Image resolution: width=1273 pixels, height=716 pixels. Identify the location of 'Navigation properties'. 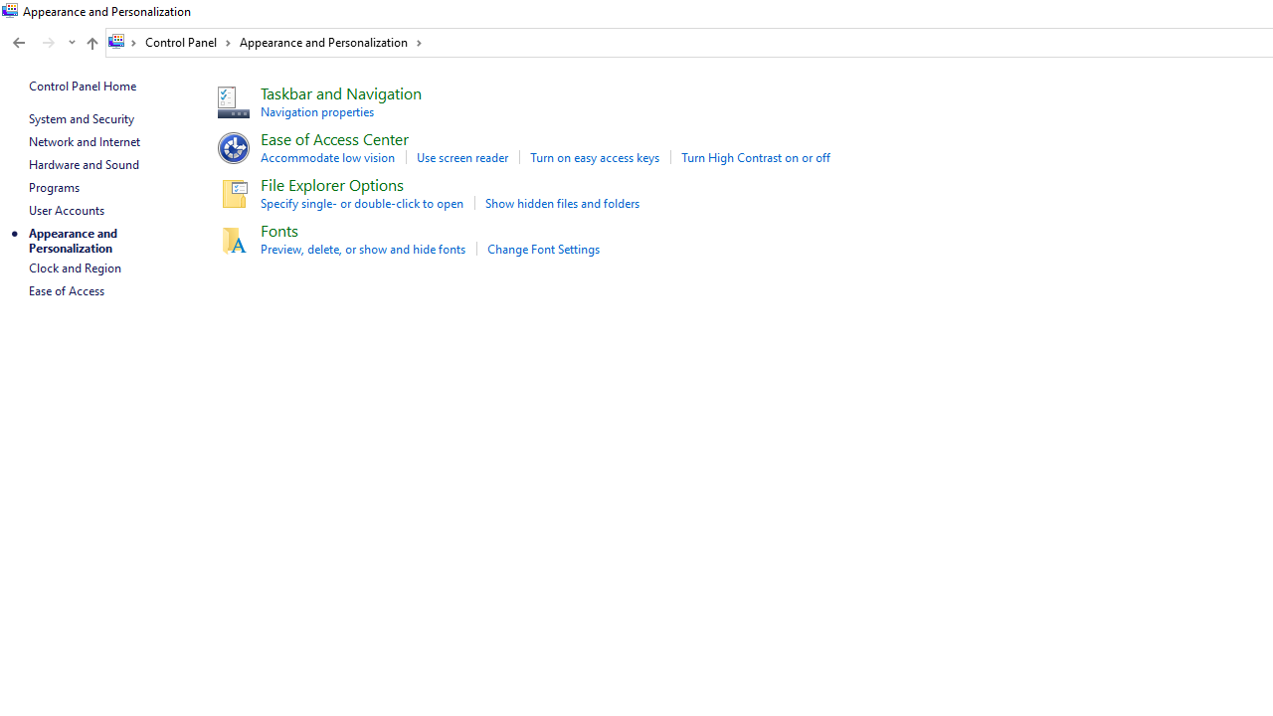
(315, 111).